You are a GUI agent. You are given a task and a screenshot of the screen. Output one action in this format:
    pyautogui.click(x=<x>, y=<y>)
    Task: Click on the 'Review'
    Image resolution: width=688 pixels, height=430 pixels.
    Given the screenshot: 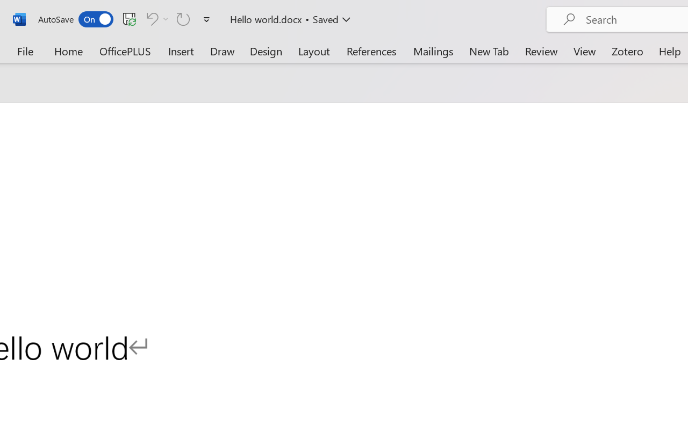 What is the action you would take?
    pyautogui.click(x=541, y=51)
    